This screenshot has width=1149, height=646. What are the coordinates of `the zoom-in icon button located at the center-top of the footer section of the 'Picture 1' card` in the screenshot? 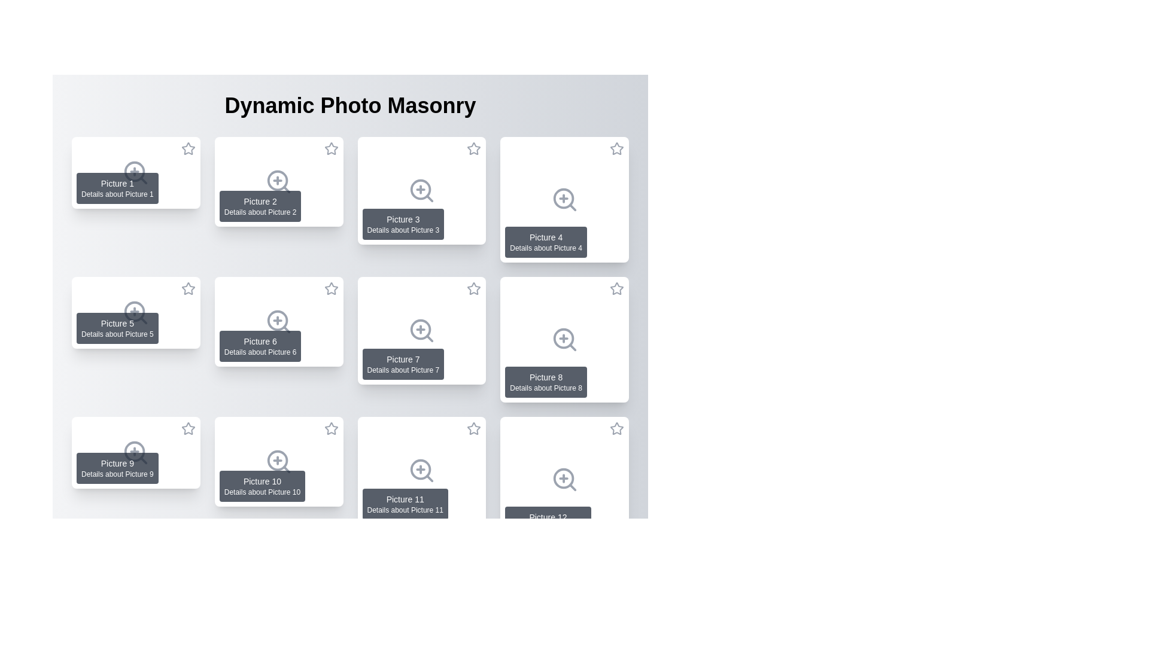 It's located at (136, 173).